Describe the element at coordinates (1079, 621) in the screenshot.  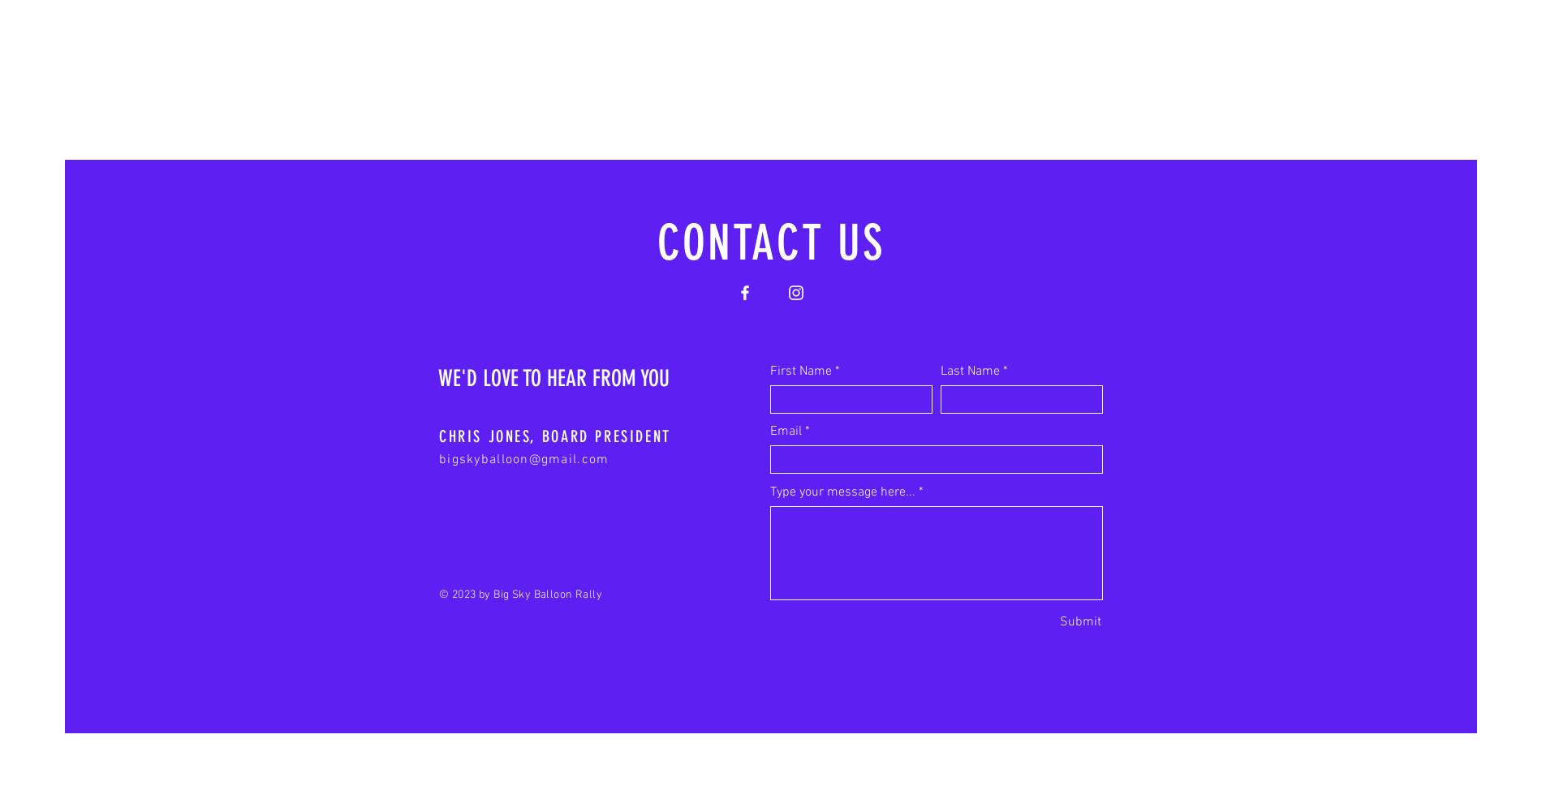
I see `'Submit'` at that location.